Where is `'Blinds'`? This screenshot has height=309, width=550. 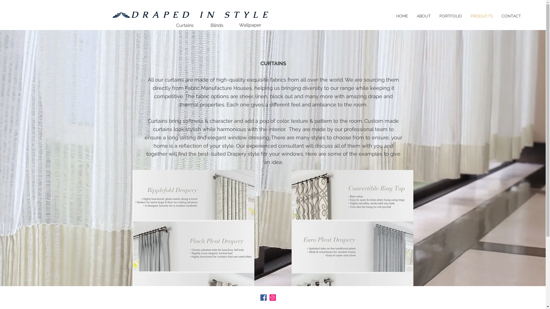 'Blinds' is located at coordinates (217, 25).